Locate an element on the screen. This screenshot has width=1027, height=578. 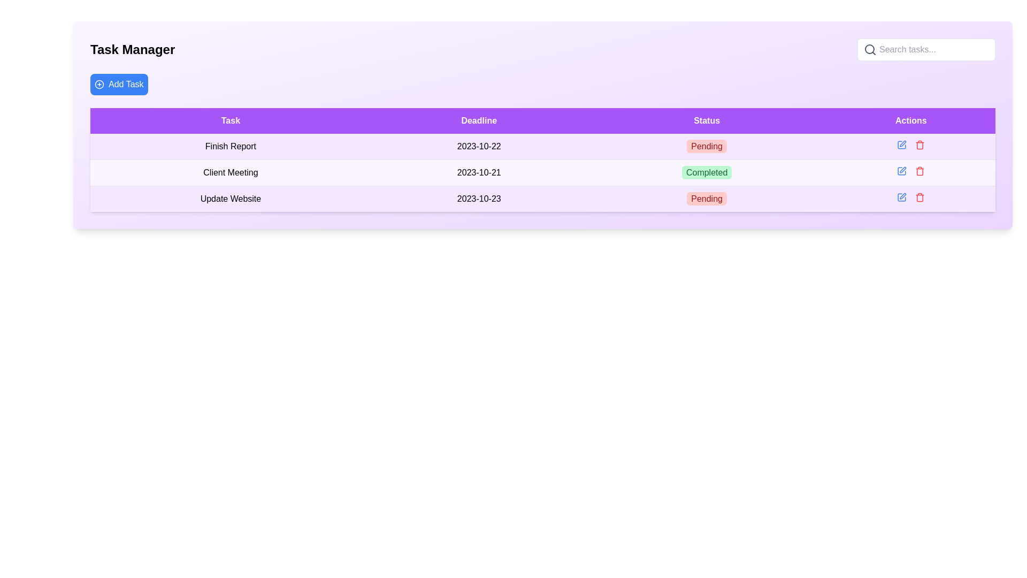
the status label indicating 'Pending' for the task 'Update Website' located in the 'Status' column of the third row in the table is located at coordinates (707, 199).